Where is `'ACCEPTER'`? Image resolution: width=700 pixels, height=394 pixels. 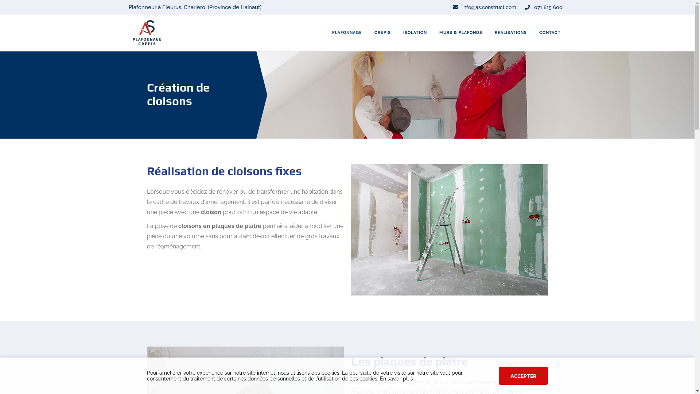 'ACCEPTER' is located at coordinates (523, 375).